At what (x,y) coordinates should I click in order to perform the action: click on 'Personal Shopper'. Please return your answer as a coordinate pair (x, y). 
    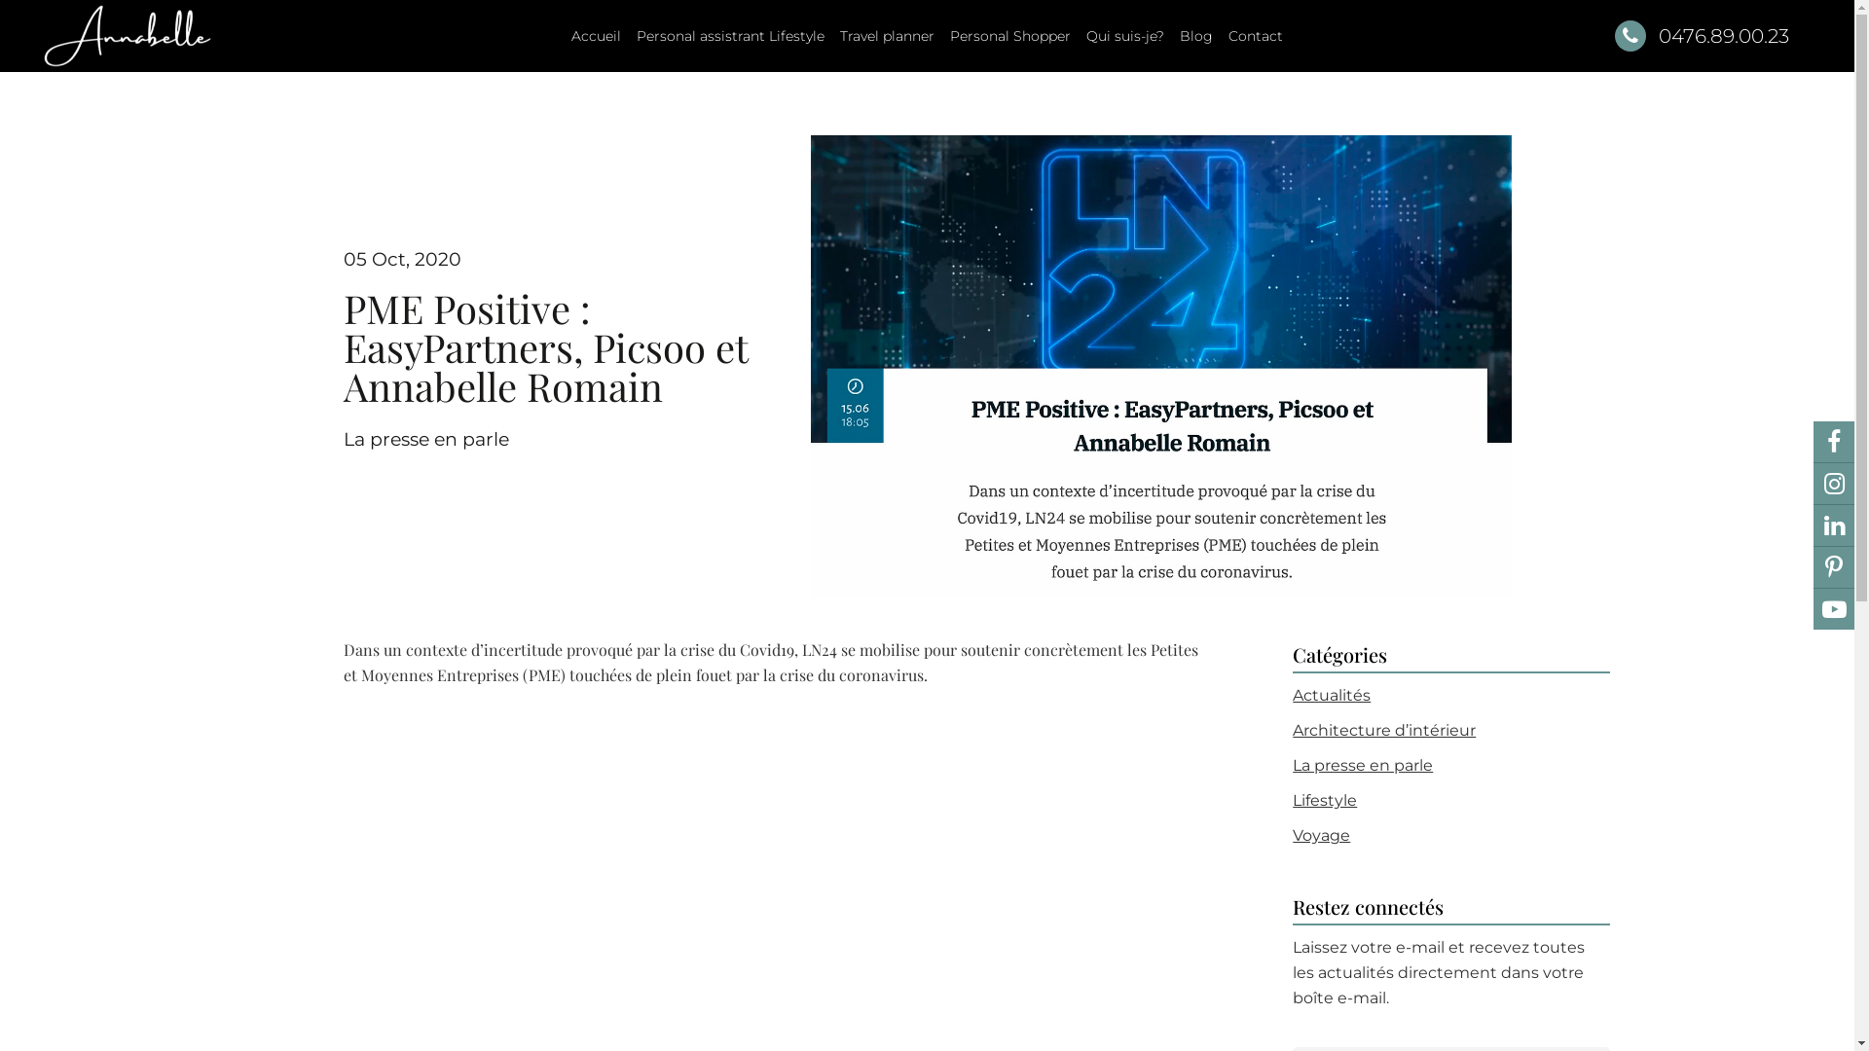
    Looking at the image, I should click on (1009, 36).